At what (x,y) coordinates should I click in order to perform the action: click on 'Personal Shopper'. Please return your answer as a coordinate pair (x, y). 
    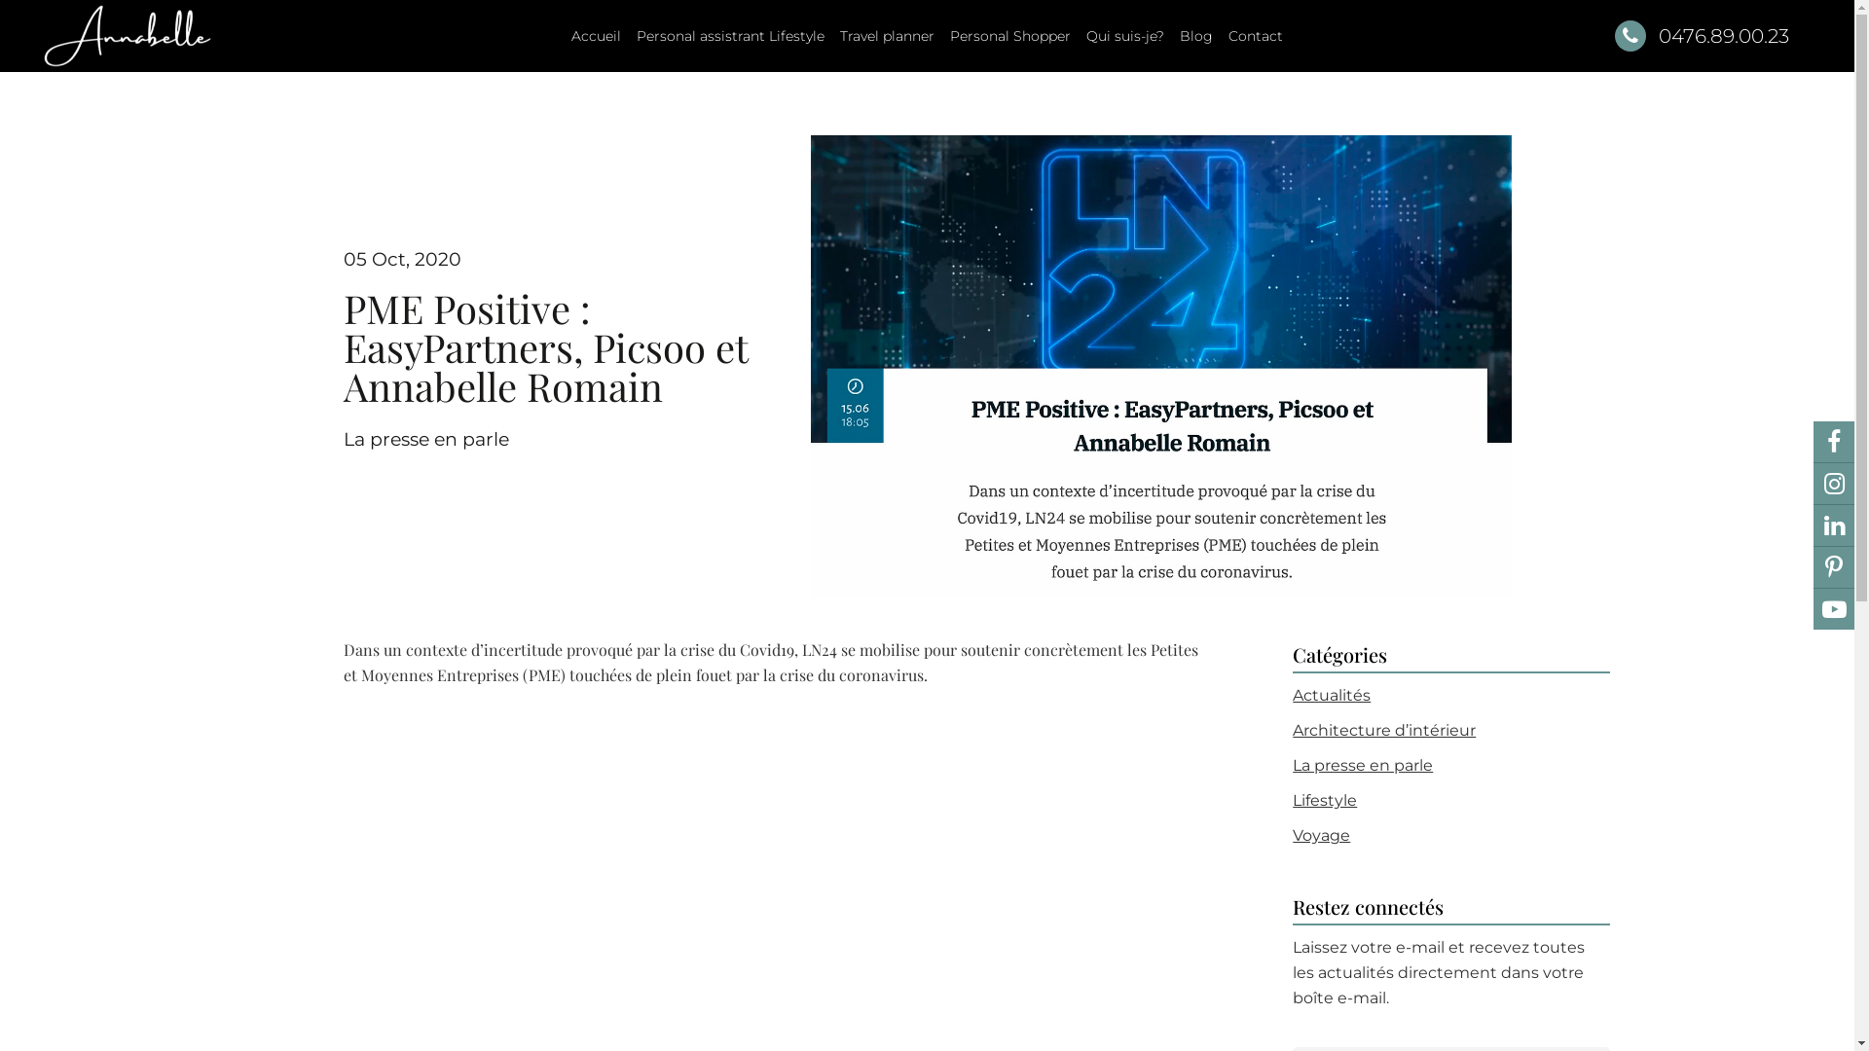
    Looking at the image, I should click on (1009, 36).